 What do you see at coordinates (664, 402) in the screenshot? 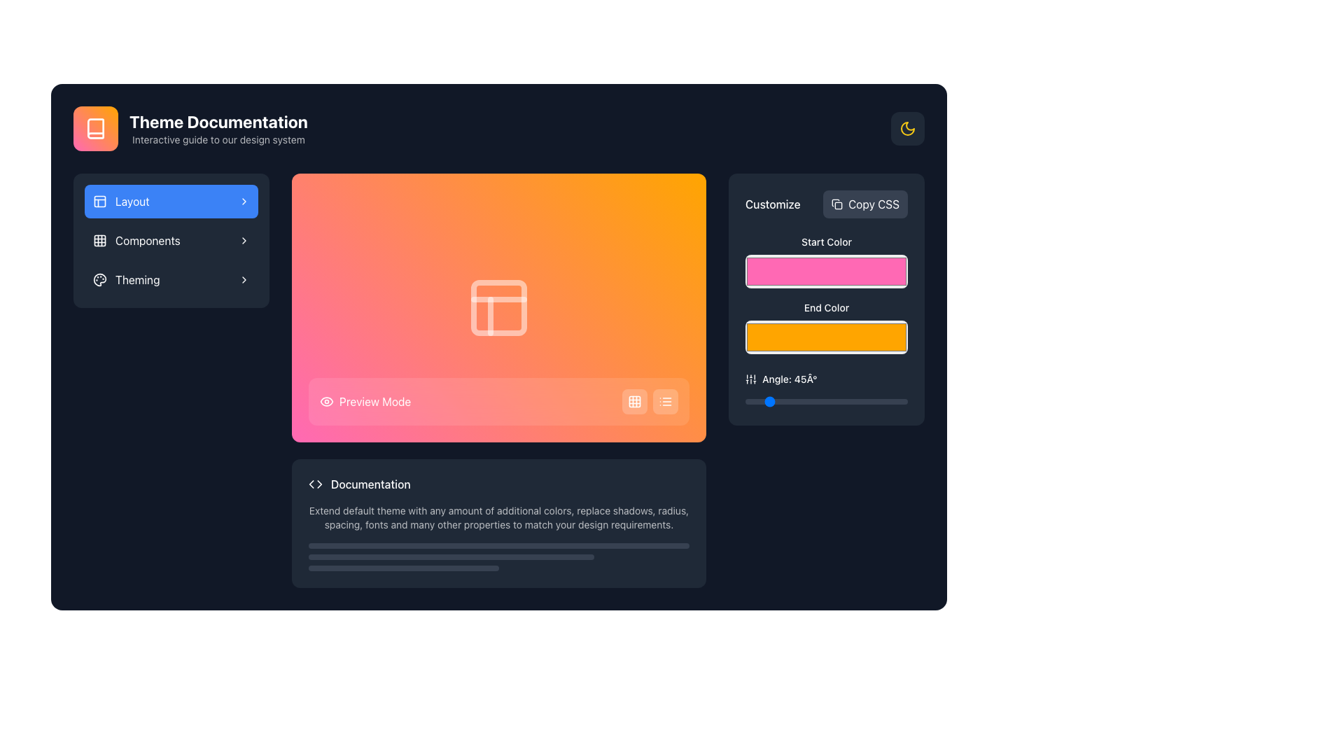
I see `the second button in the horizontal layout at the bottom-right corner of the gradient box` at bounding box center [664, 402].